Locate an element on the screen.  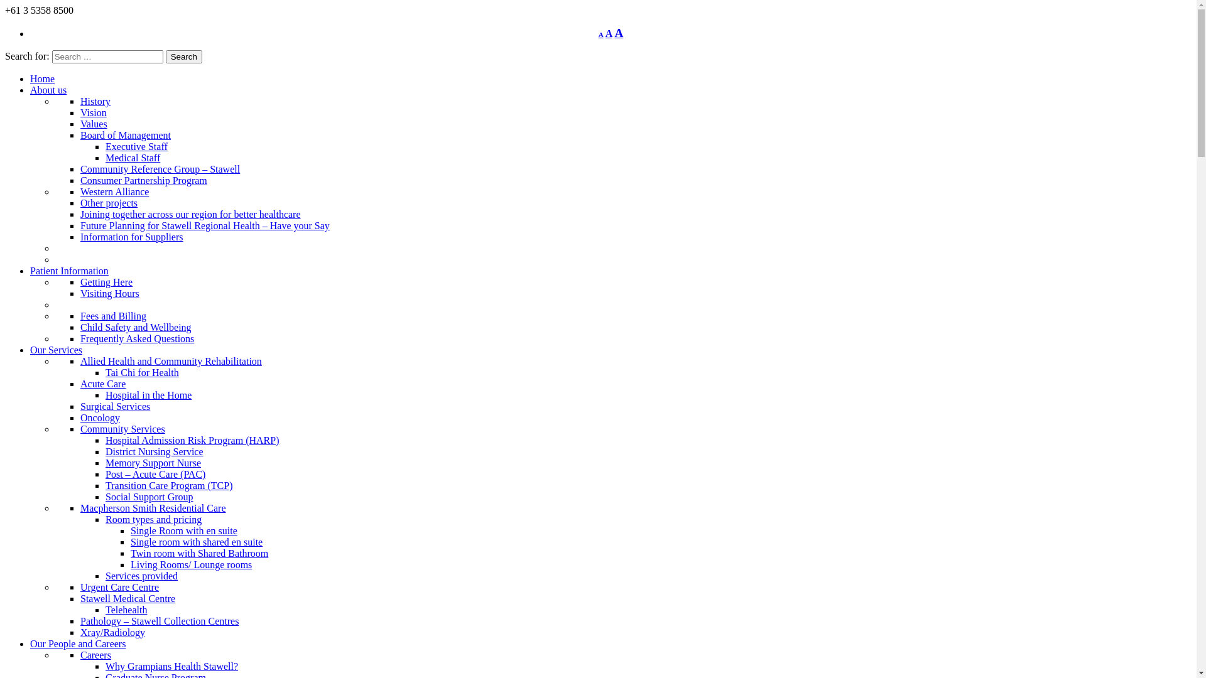
'Other projects' is located at coordinates (109, 202).